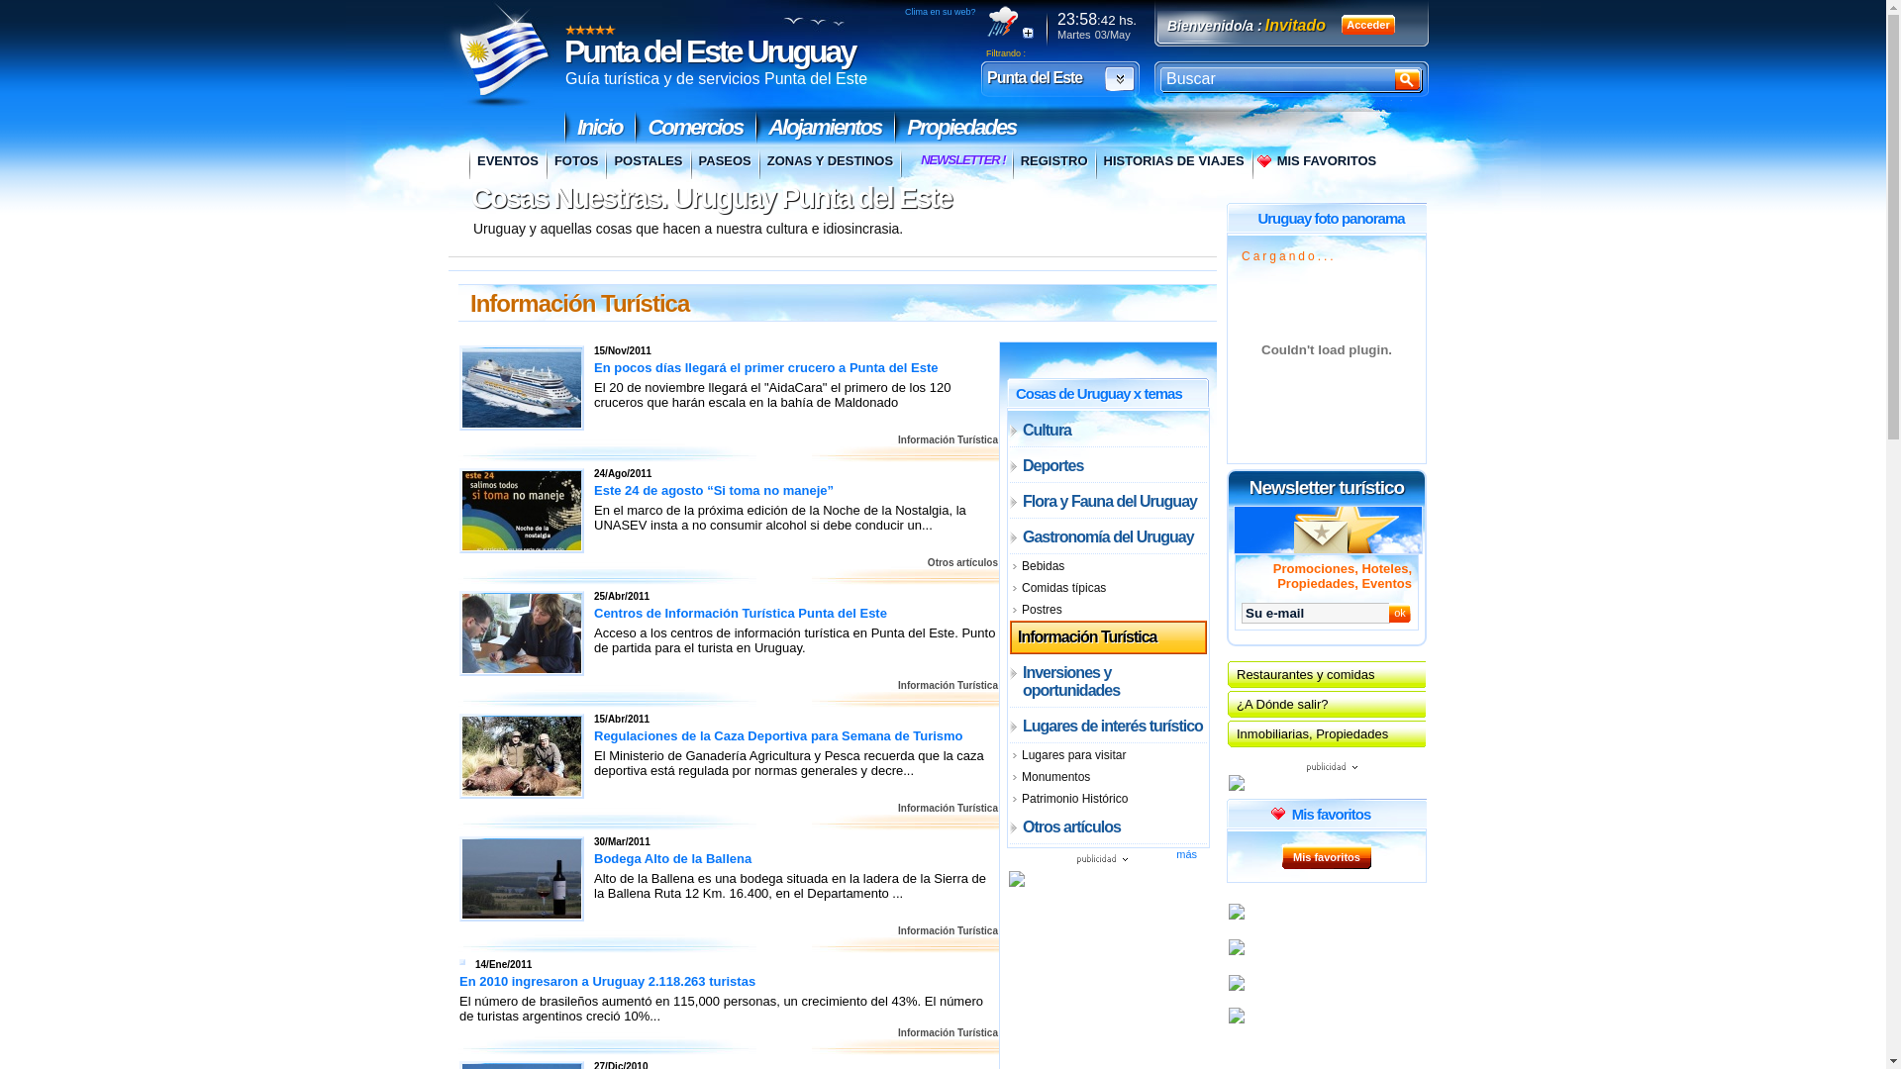  Describe the element at coordinates (1326, 673) in the screenshot. I see `'Restaurantes y comidas'` at that location.